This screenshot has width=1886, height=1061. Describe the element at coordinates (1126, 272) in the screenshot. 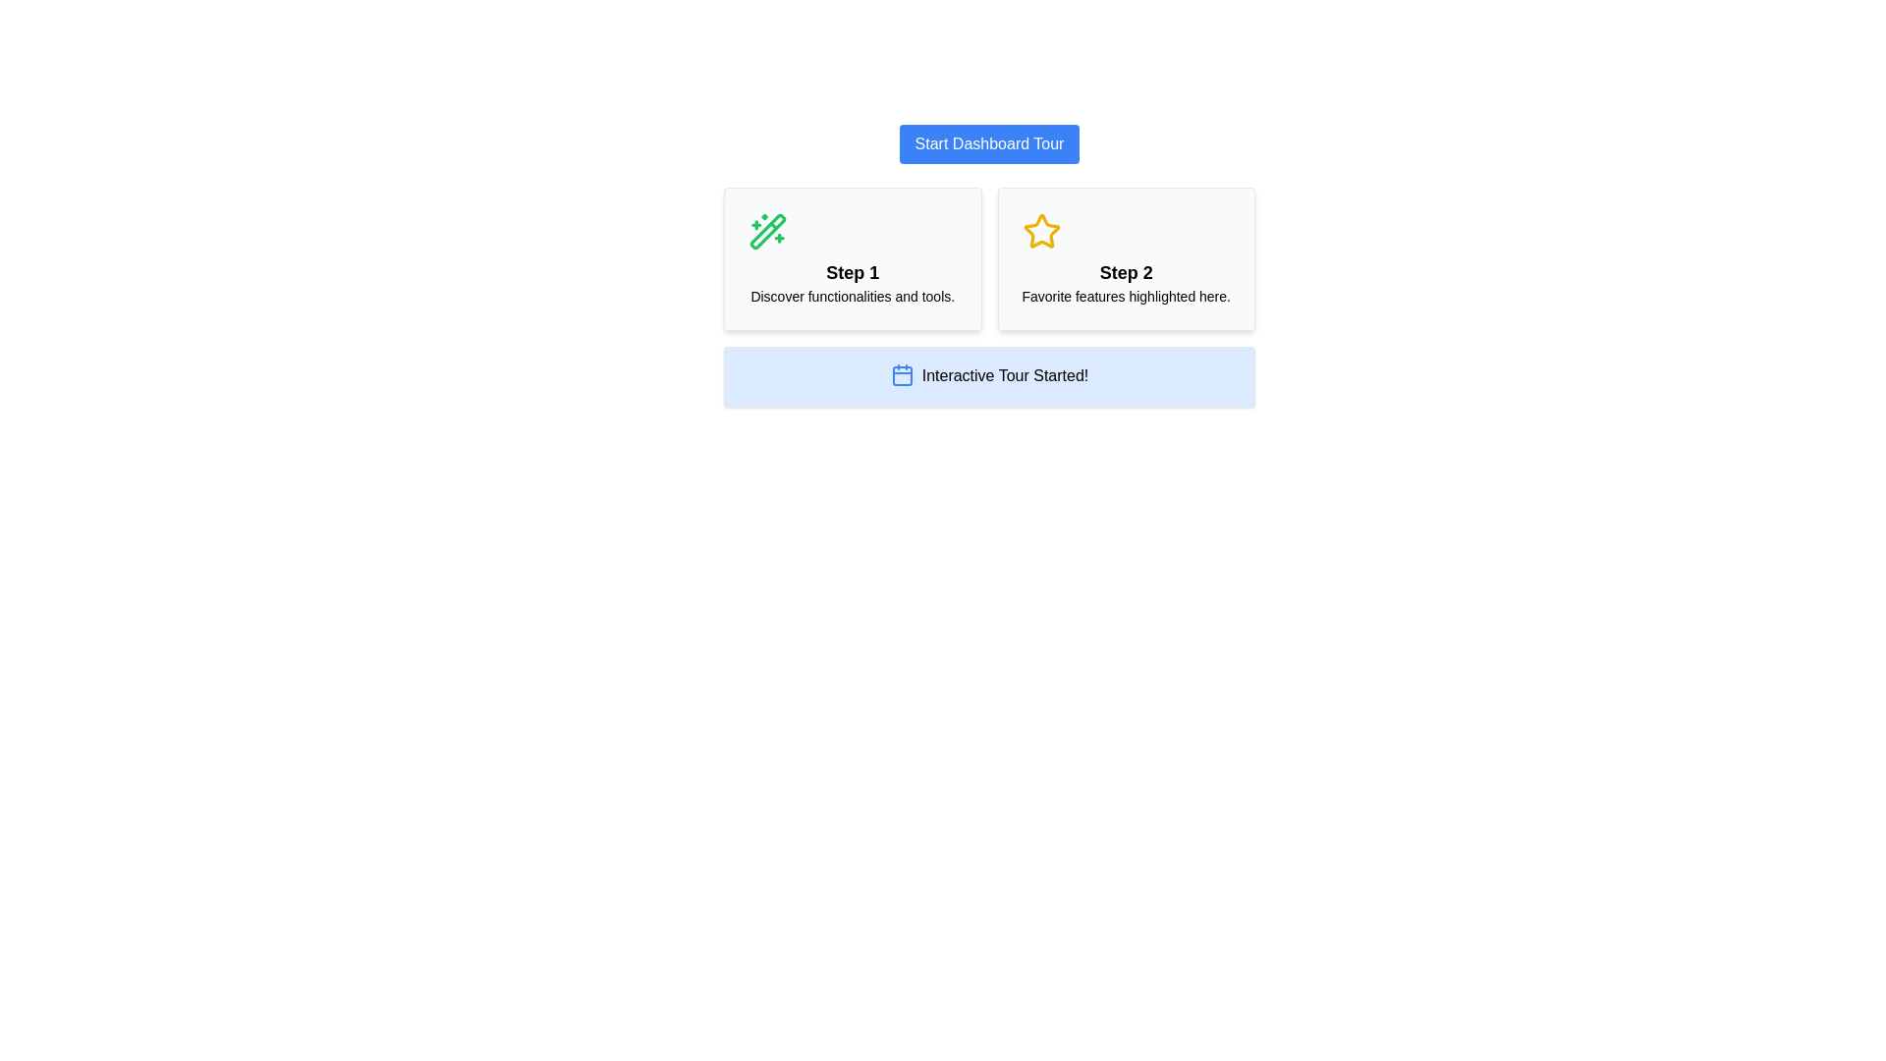

I see `the 'Step 2' label, which serves as a heading in the multi-step tutorial` at that location.